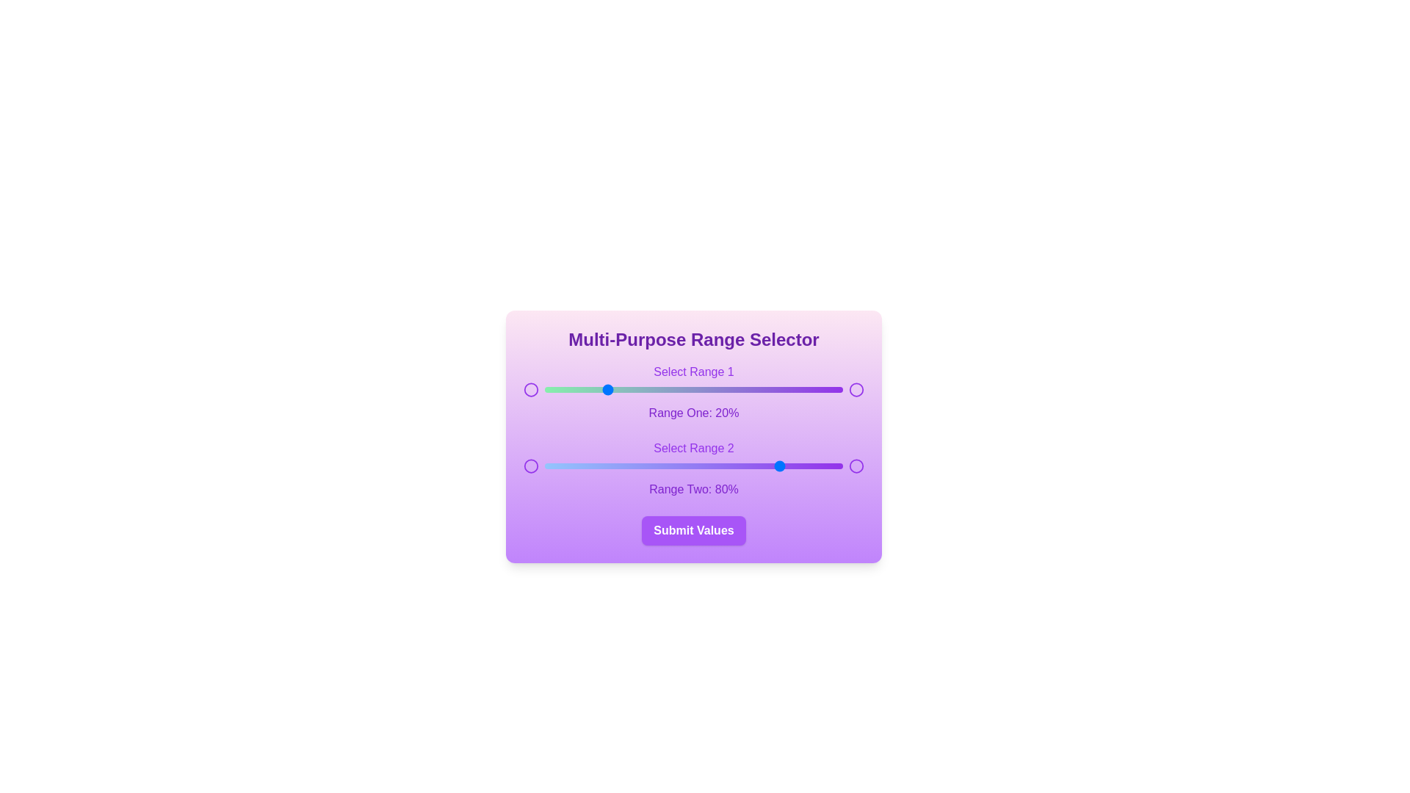  What do you see at coordinates (751, 389) in the screenshot?
I see `the first range slider to 69%` at bounding box center [751, 389].